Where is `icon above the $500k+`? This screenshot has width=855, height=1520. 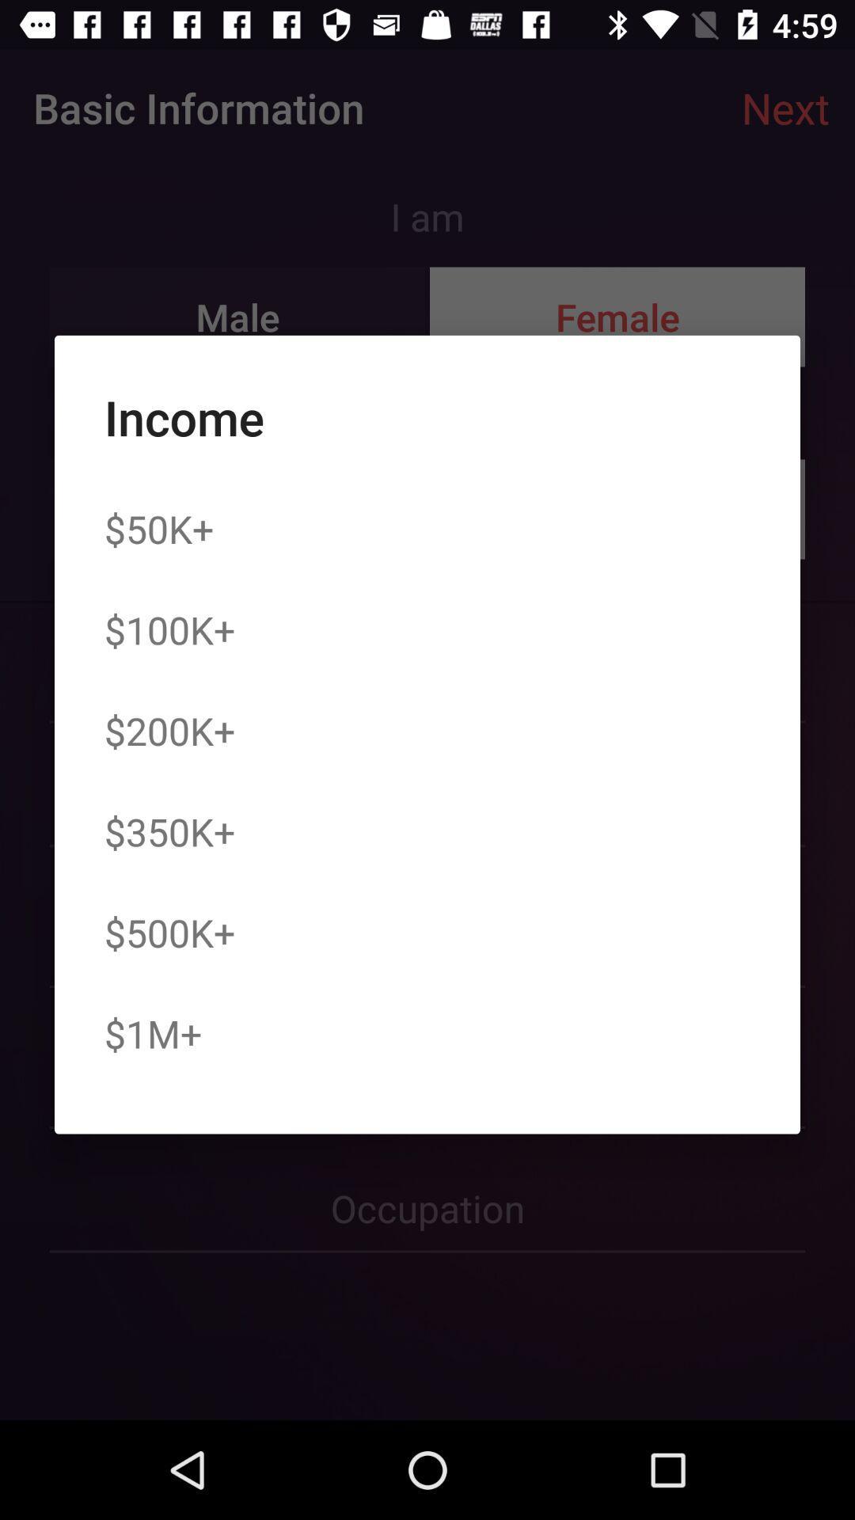 icon above the $500k+ is located at coordinates (169, 830).